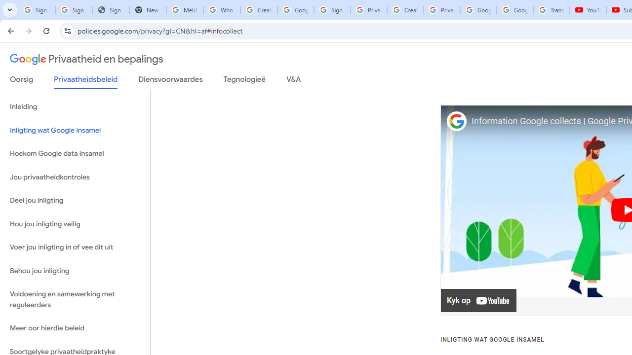 This screenshot has width=632, height=355. Describe the element at coordinates (22, 81) in the screenshot. I see `'Oorsig'` at that location.